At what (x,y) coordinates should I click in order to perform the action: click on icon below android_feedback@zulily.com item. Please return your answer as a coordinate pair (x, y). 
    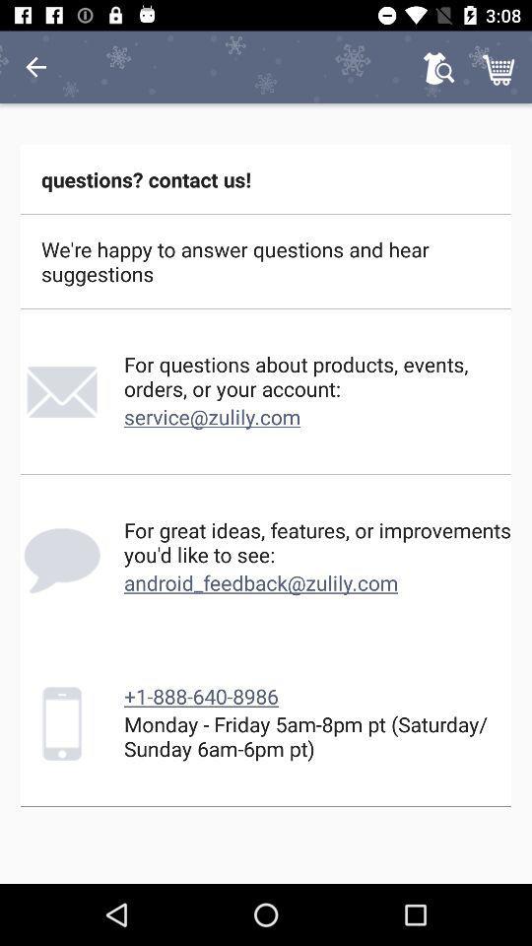
    Looking at the image, I should click on (200, 696).